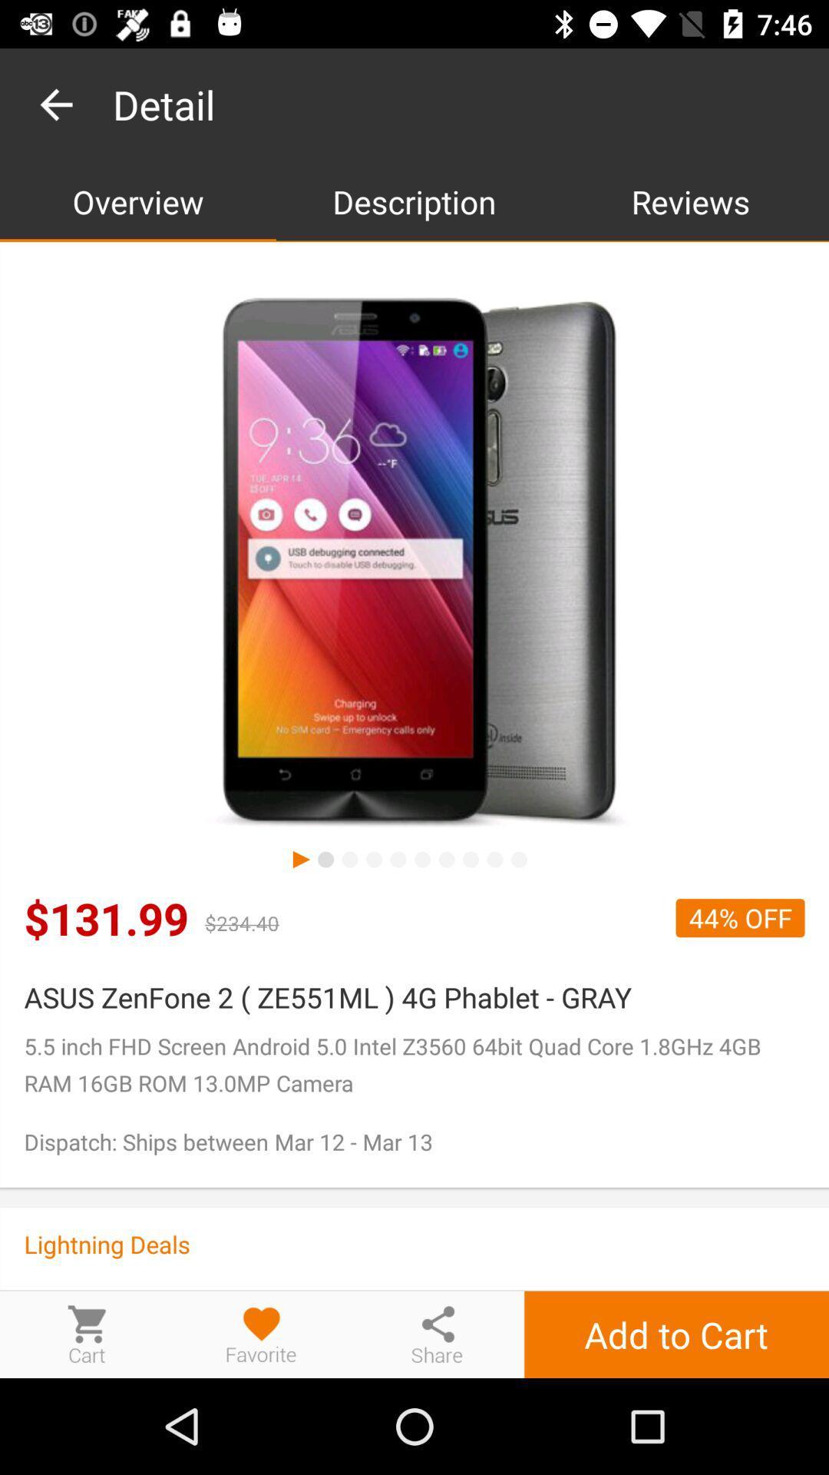  What do you see at coordinates (261, 1334) in the screenshot?
I see `the product` at bounding box center [261, 1334].